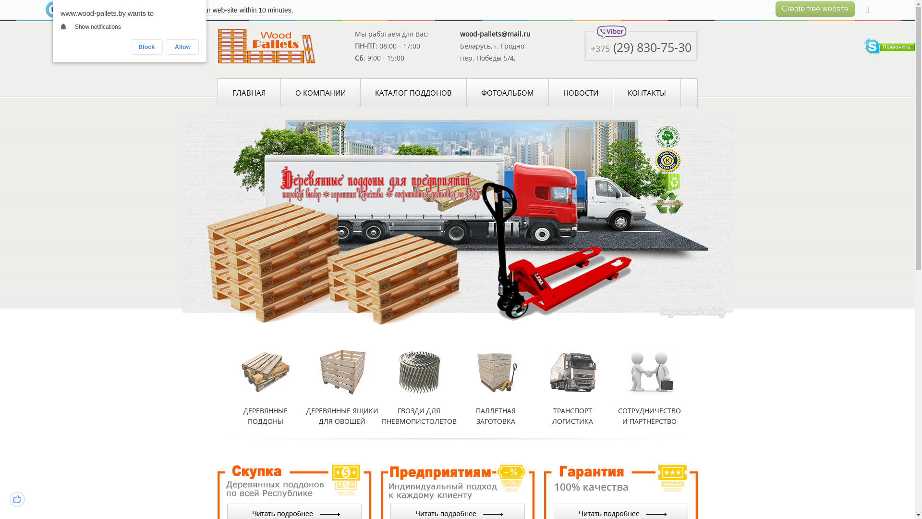 This screenshot has width=922, height=519. Describe the element at coordinates (495, 33) in the screenshot. I see `'wood-pallets@mail.ru'` at that location.